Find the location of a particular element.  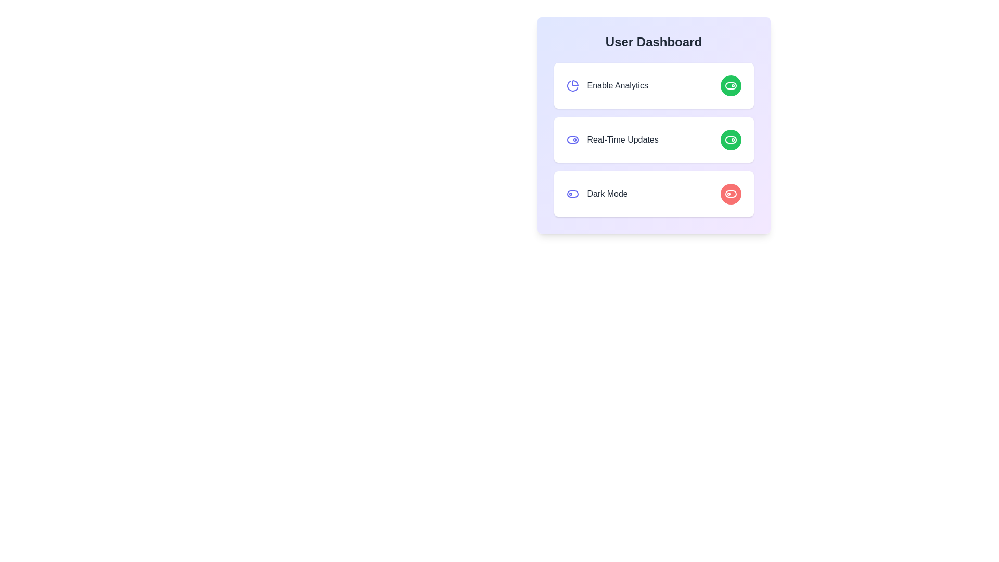

the decorative shape indicating that the toggle switch for 'Real-Time Updates' is active in the 'User Dashboard' interface is located at coordinates (730, 139).